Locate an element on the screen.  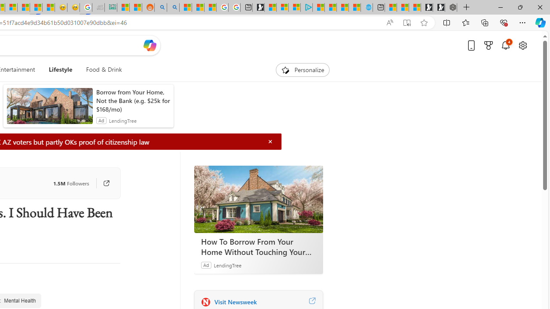
'Open settings' is located at coordinates (522, 45).